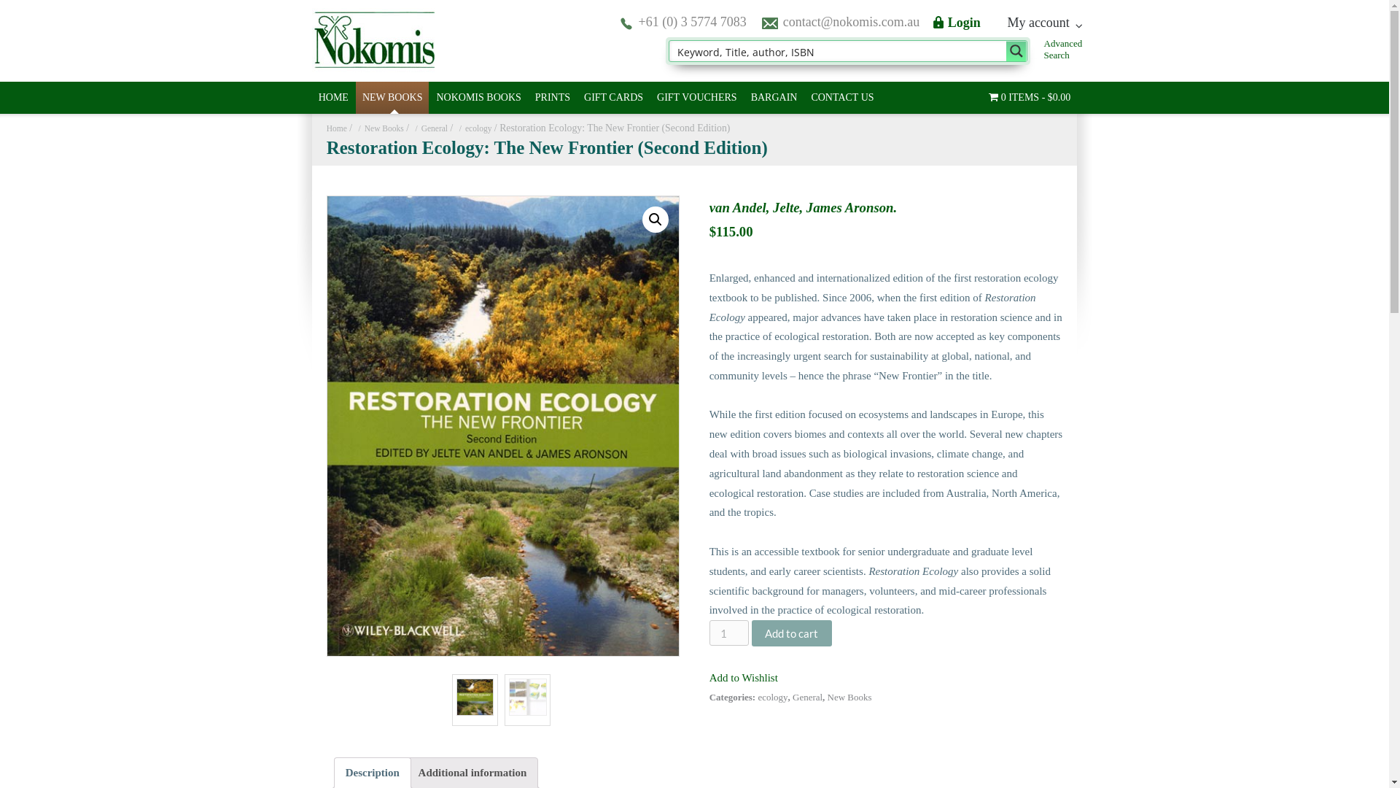 The image size is (1400, 788). I want to click on 'GIFT VOUCHERS', so click(696, 98).